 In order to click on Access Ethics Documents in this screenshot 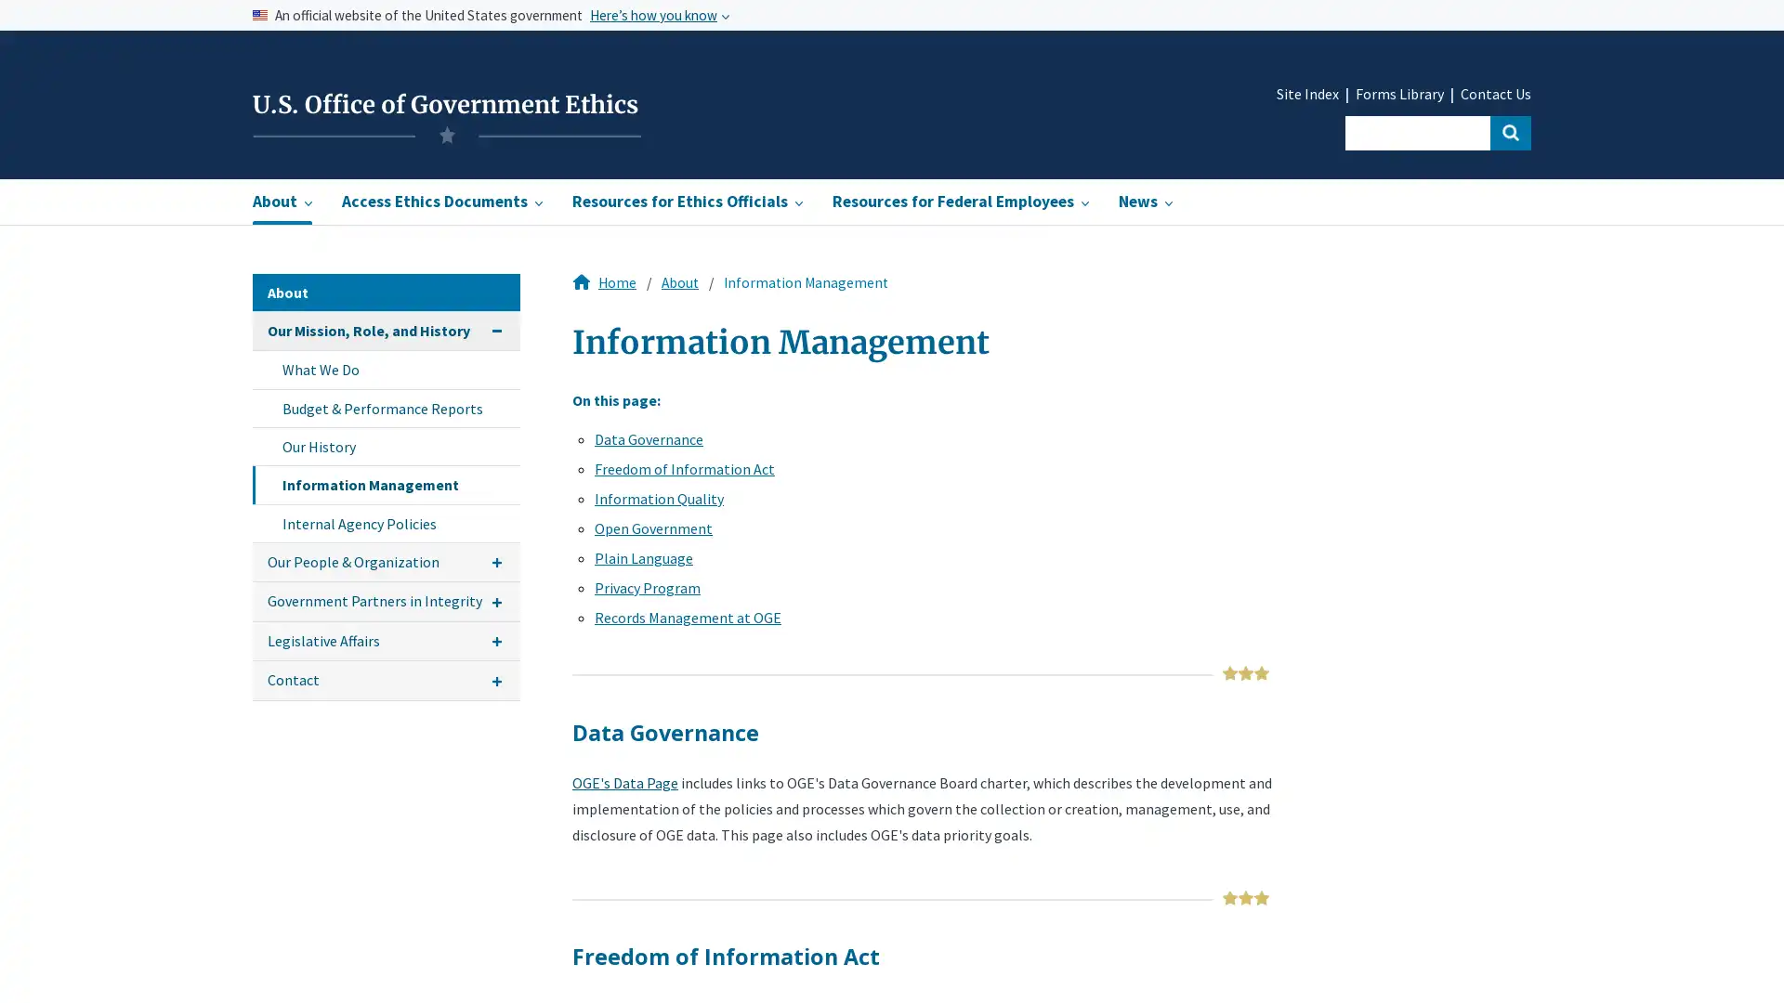, I will do `click(440, 201)`.